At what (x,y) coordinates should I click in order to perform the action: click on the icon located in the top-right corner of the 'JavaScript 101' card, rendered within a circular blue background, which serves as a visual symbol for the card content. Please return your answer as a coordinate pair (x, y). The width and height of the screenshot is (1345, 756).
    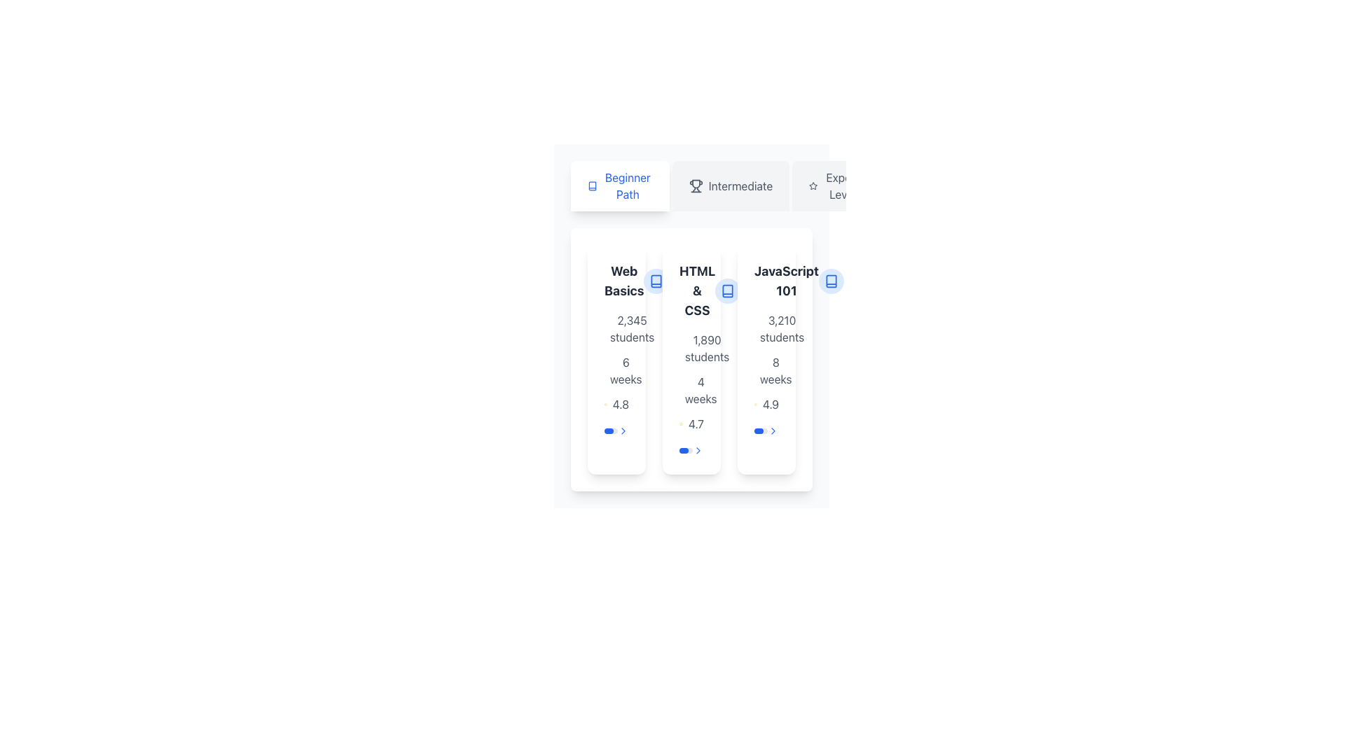
    Looking at the image, I should click on (831, 281).